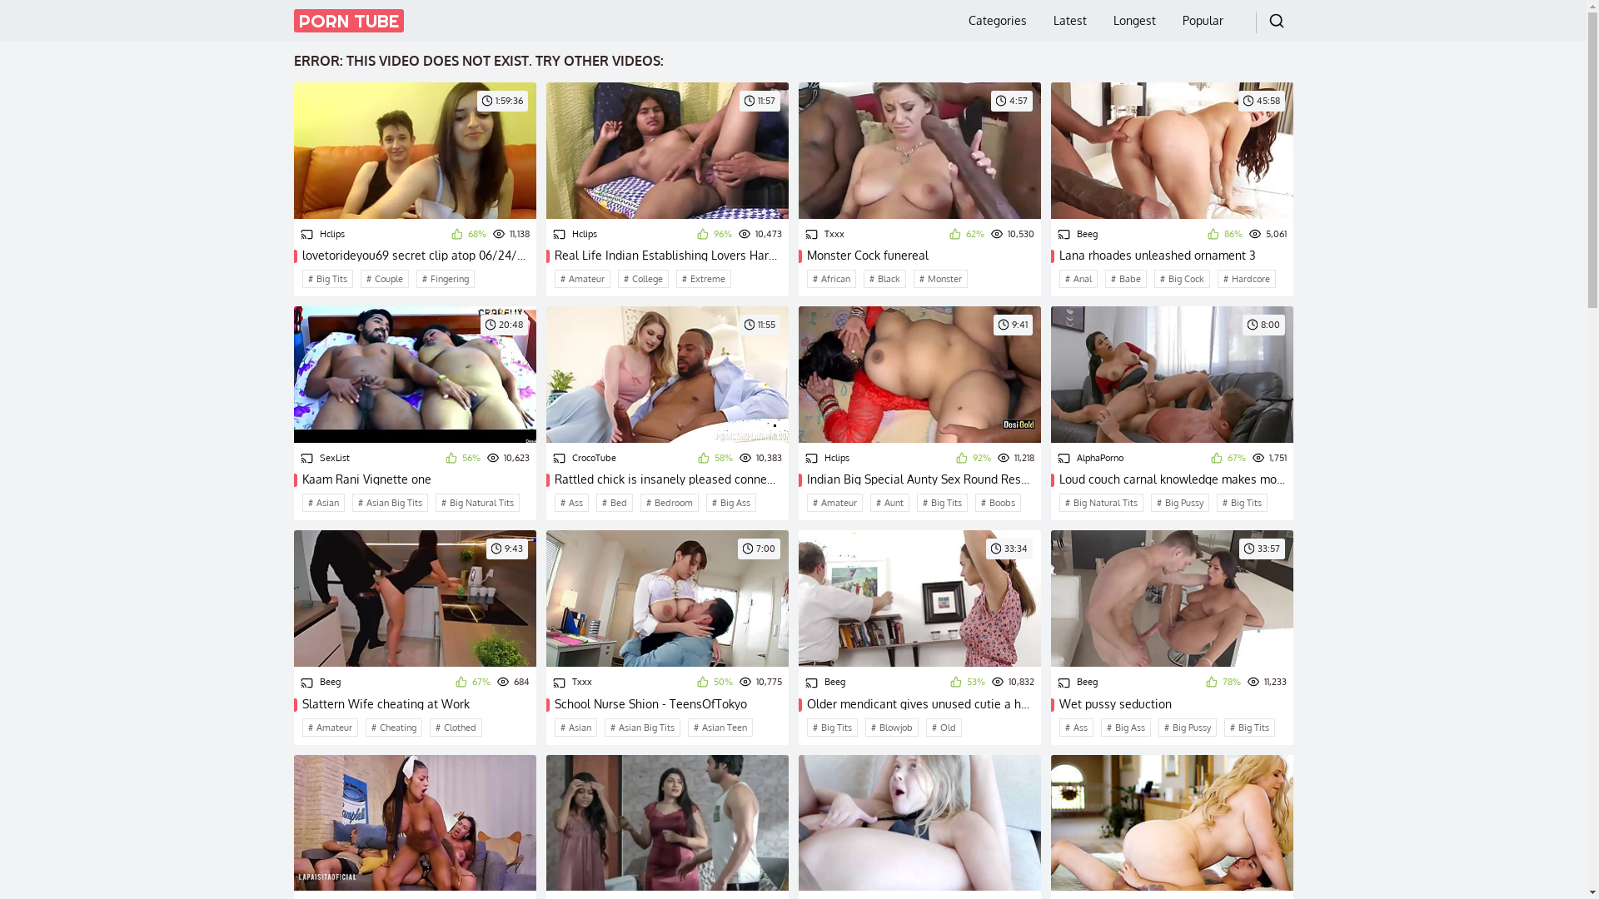  What do you see at coordinates (456, 727) in the screenshot?
I see `'Clothed'` at bounding box center [456, 727].